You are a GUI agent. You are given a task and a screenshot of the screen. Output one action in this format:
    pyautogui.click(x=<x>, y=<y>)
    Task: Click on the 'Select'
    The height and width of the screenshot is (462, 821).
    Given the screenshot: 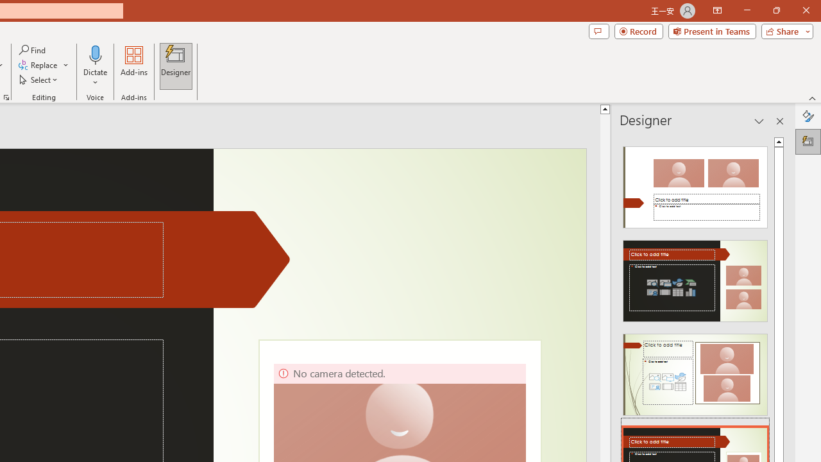 What is the action you would take?
    pyautogui.click(x=39, y=80)
    